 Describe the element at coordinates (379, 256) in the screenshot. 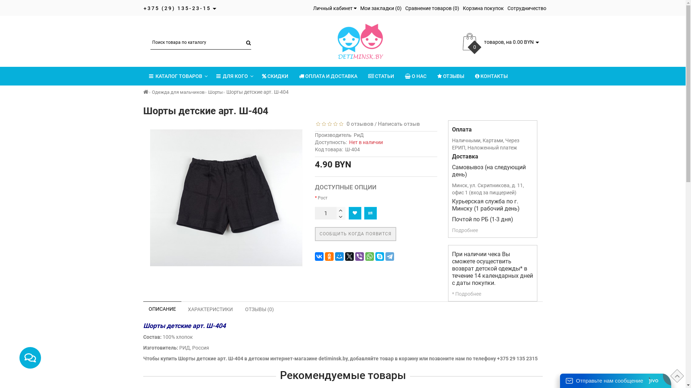

I see `'Skype'` at that location.